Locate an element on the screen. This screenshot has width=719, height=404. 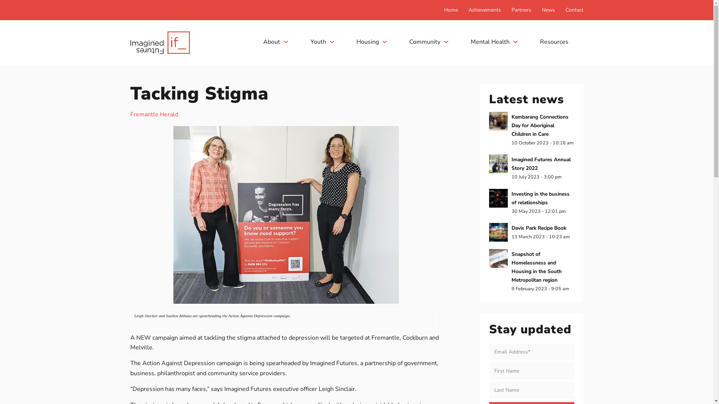
'Davis Park Recipe Book is located at coordinates (531, 232).